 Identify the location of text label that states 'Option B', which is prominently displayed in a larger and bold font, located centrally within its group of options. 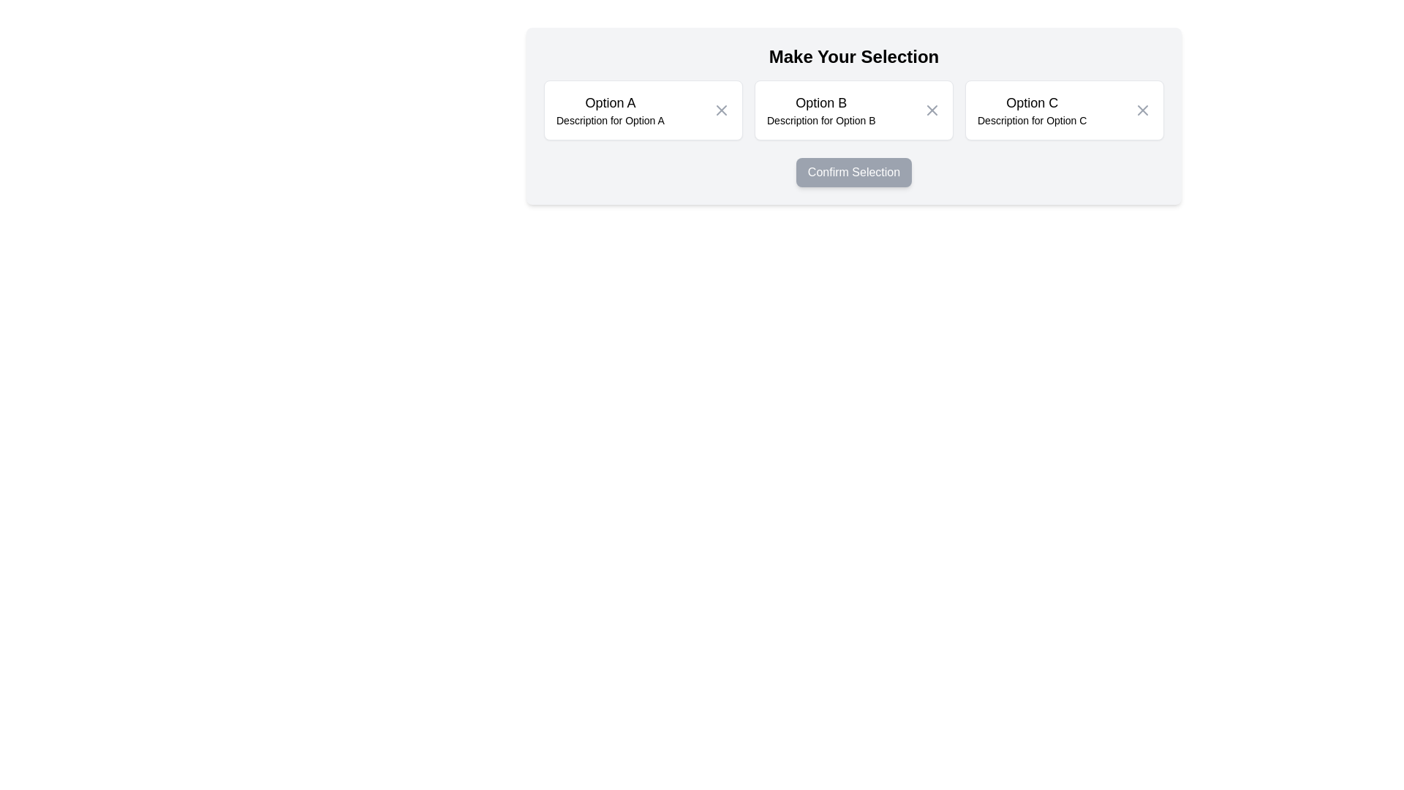
(821, 102).